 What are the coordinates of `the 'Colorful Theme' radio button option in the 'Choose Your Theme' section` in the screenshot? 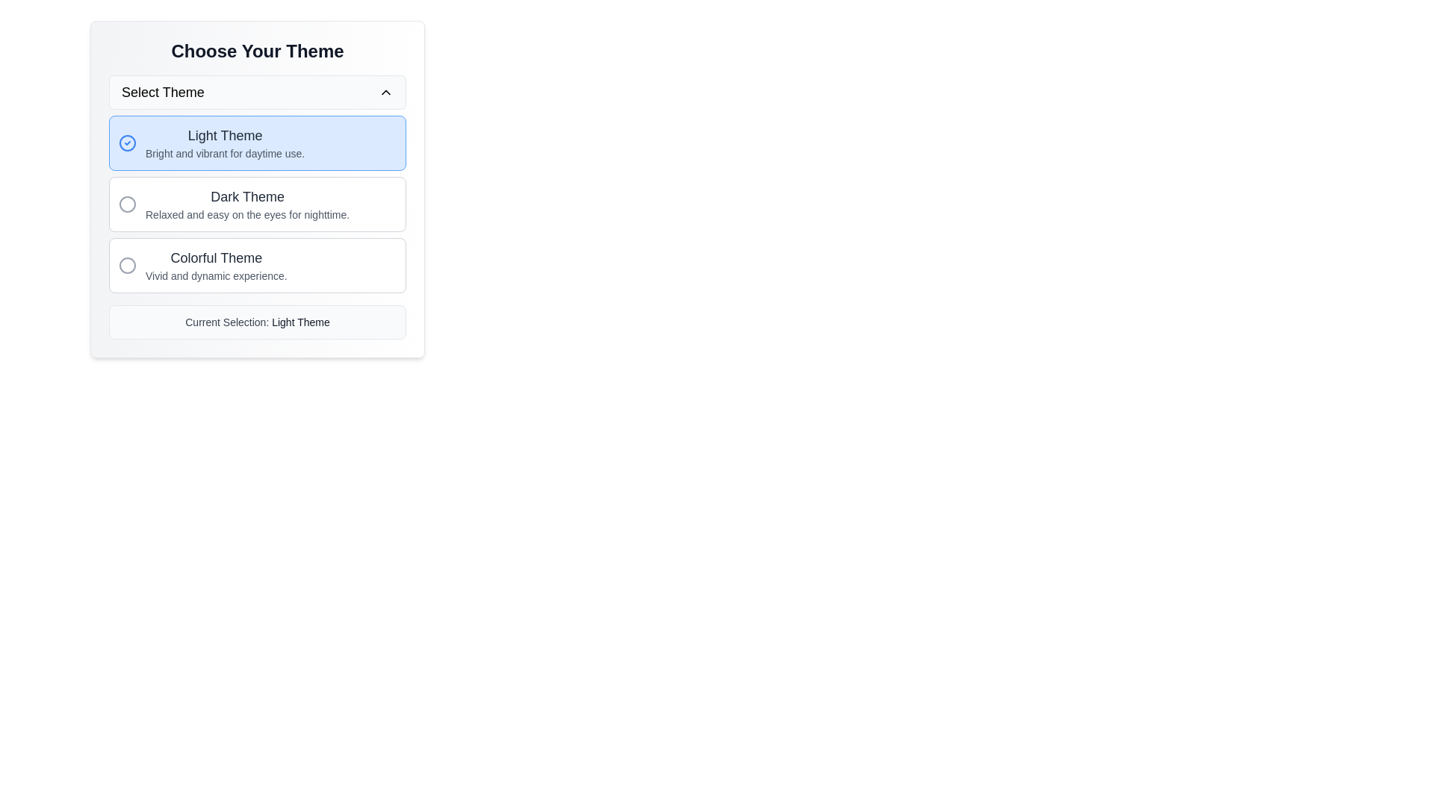 It's located at (258, 264).